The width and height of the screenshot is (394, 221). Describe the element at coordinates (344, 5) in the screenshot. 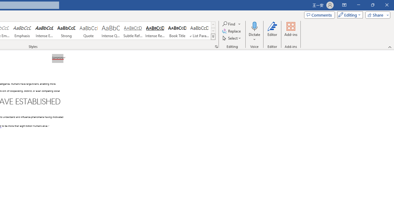

I see `'Ribbon Display Options'` at that location.